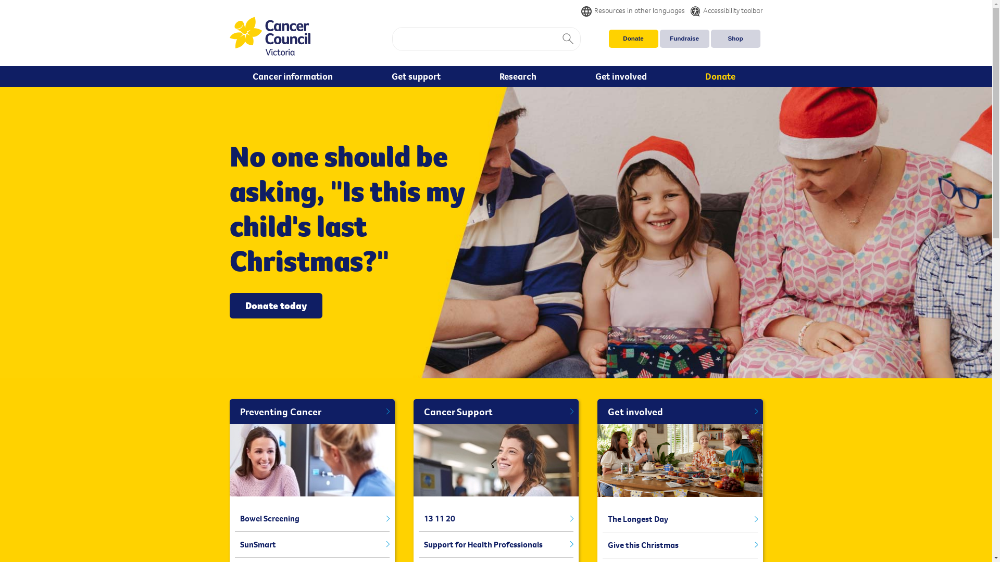 Image resolution: width=1000 pixels, height=562 pixels. What do you see at coordinates (680, 545) in the screenshot?
I see `'Give this Christmas'` at bounding box center [680, 545].